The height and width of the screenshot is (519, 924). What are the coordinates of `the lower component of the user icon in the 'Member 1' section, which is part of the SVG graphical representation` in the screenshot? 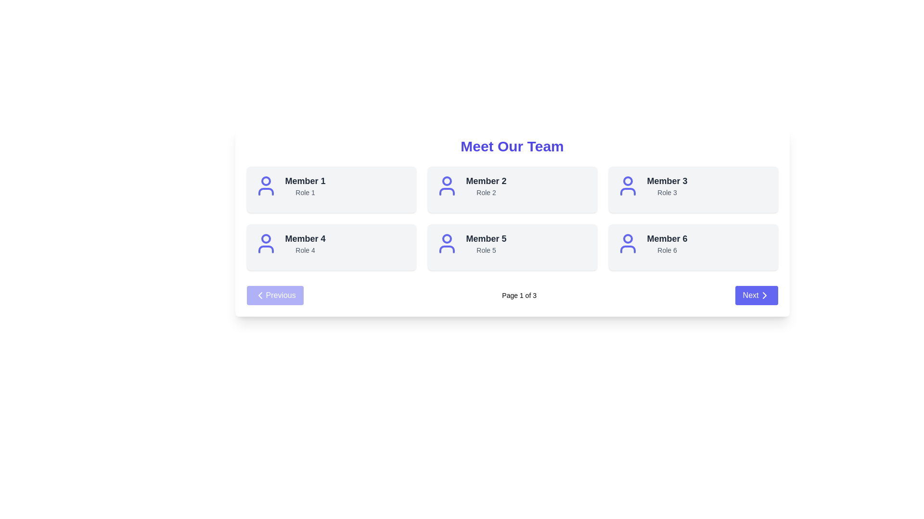 It's located at (266, 191).